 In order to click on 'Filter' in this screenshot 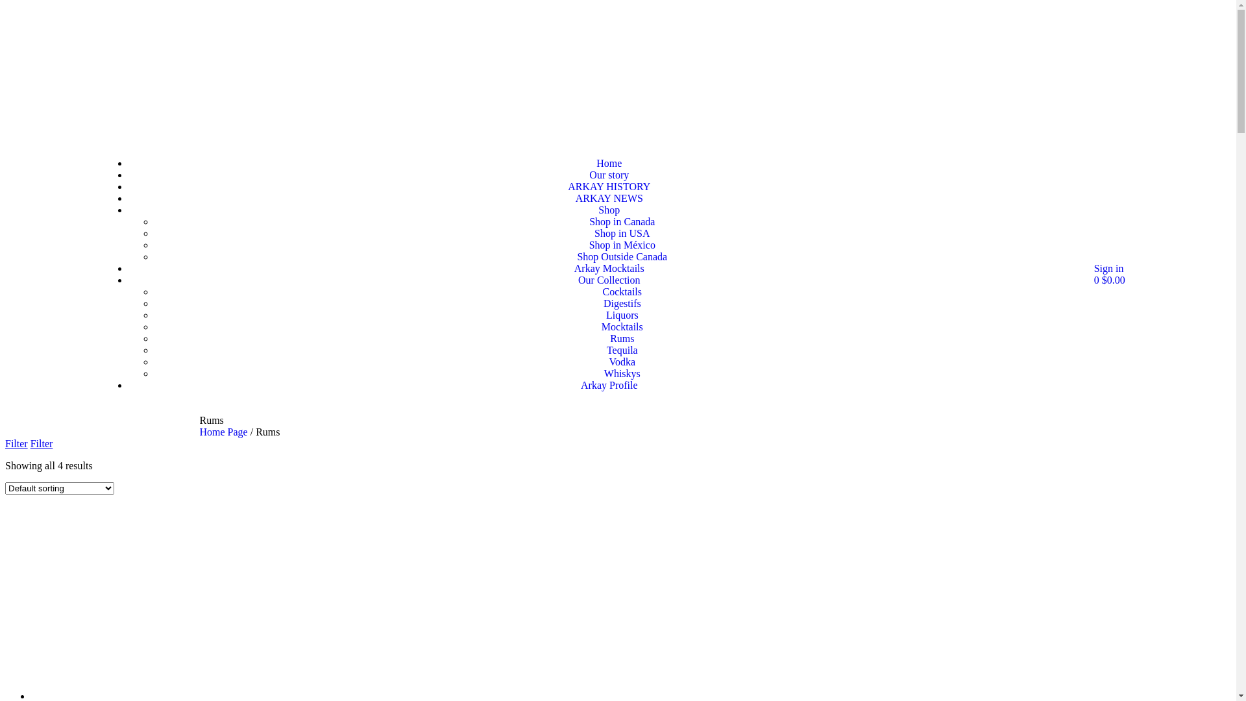, I will do `click(5, 443)`.